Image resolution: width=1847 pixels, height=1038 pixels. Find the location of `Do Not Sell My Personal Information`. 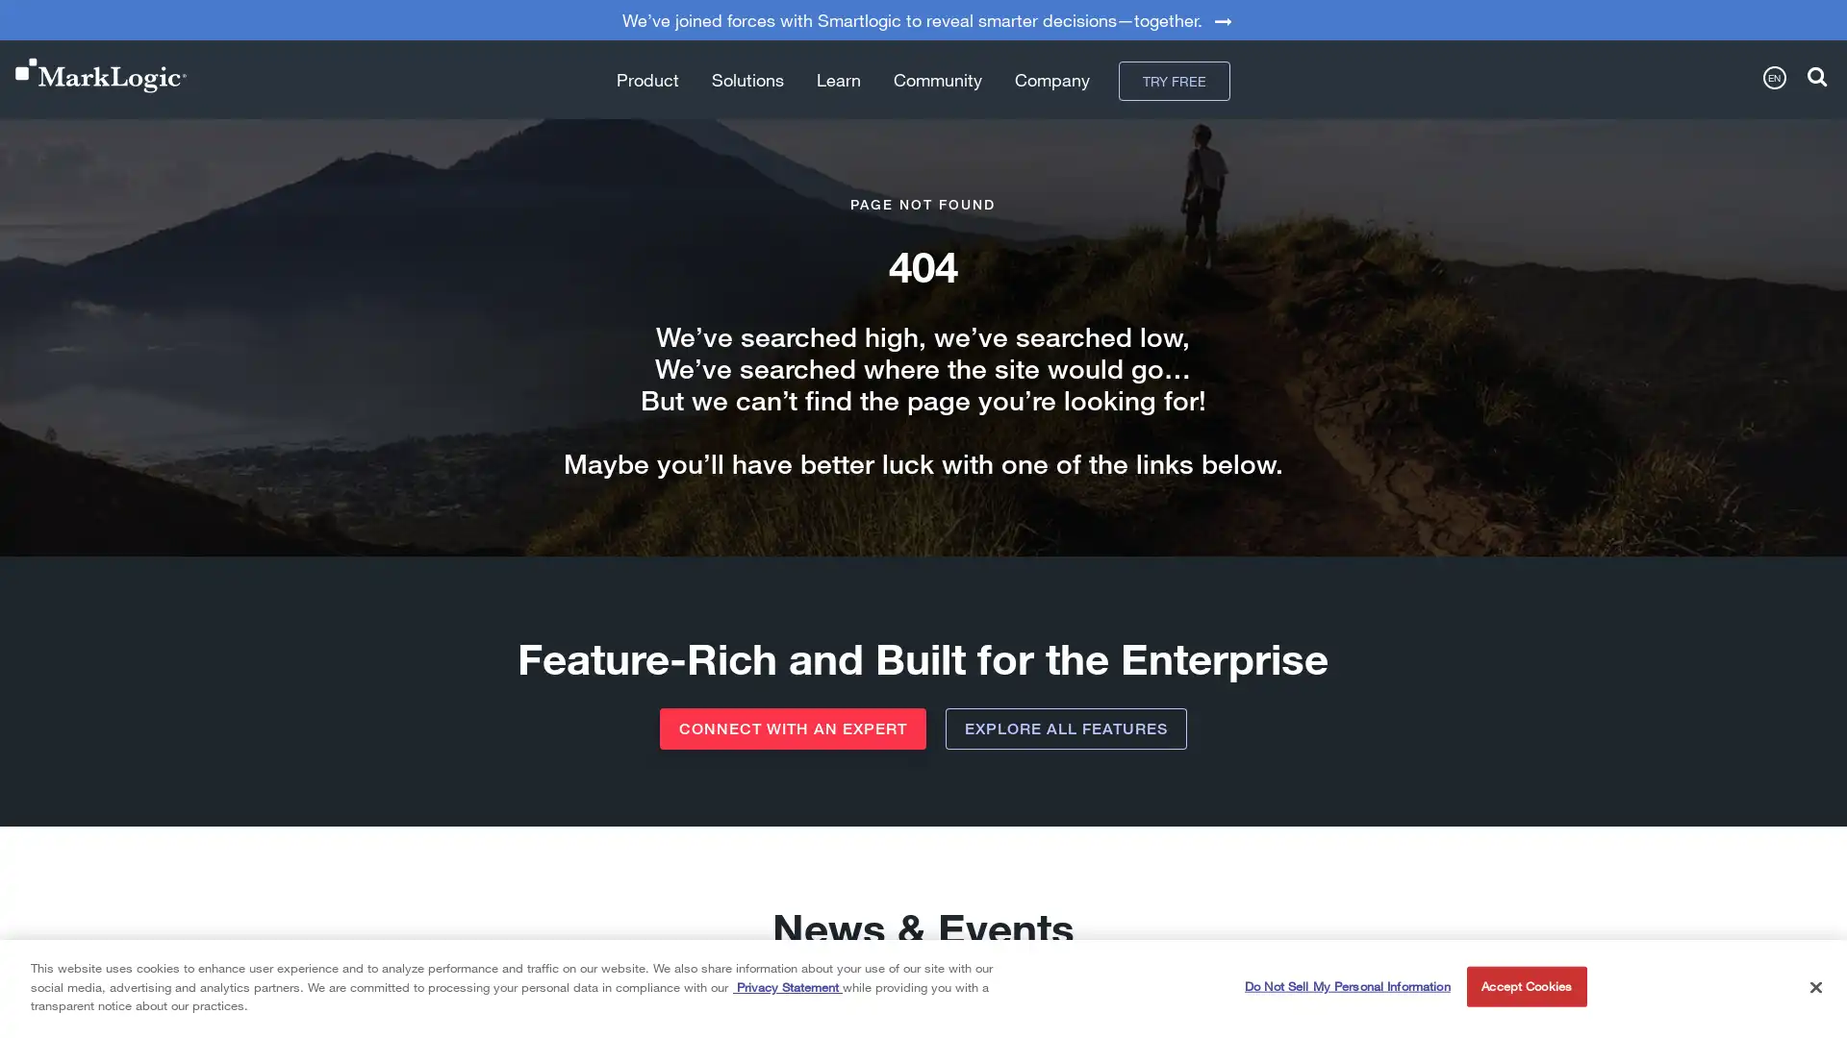

Do Not Sell My Personal Information is located at coordinates (1346, 986).